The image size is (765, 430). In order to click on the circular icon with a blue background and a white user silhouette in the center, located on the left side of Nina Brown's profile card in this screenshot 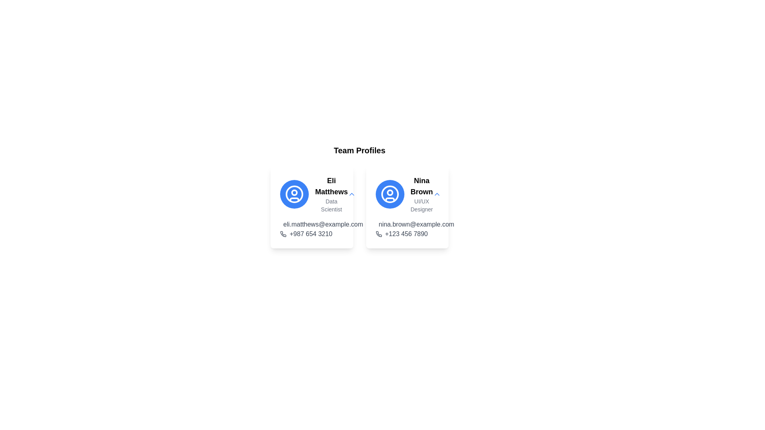, I will do `click(390, 194)`.